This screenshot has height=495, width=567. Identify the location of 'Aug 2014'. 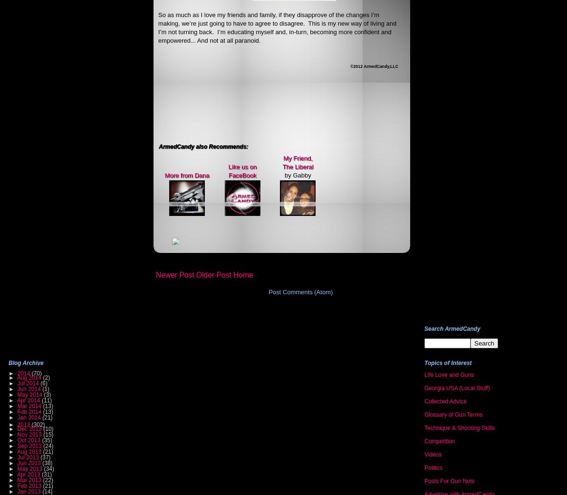
(16, 376).